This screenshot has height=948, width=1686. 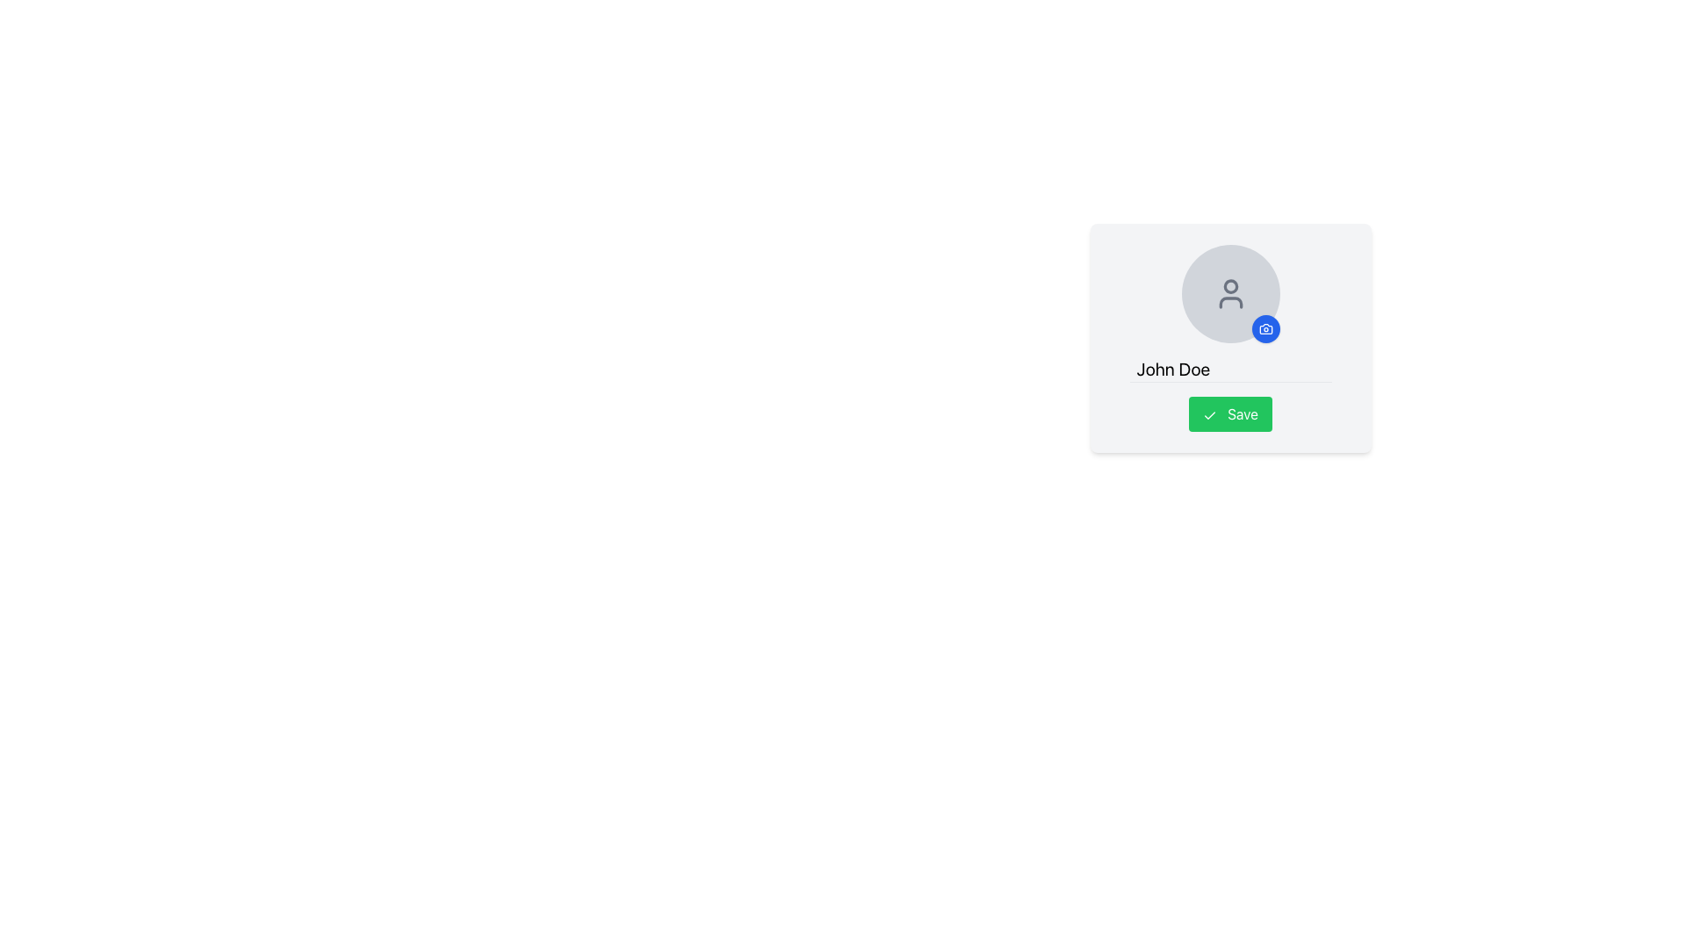 I want to click on the blue circular overlay on the profile picture placeholder to initiate the upload action, so click(x=1229, y=293).